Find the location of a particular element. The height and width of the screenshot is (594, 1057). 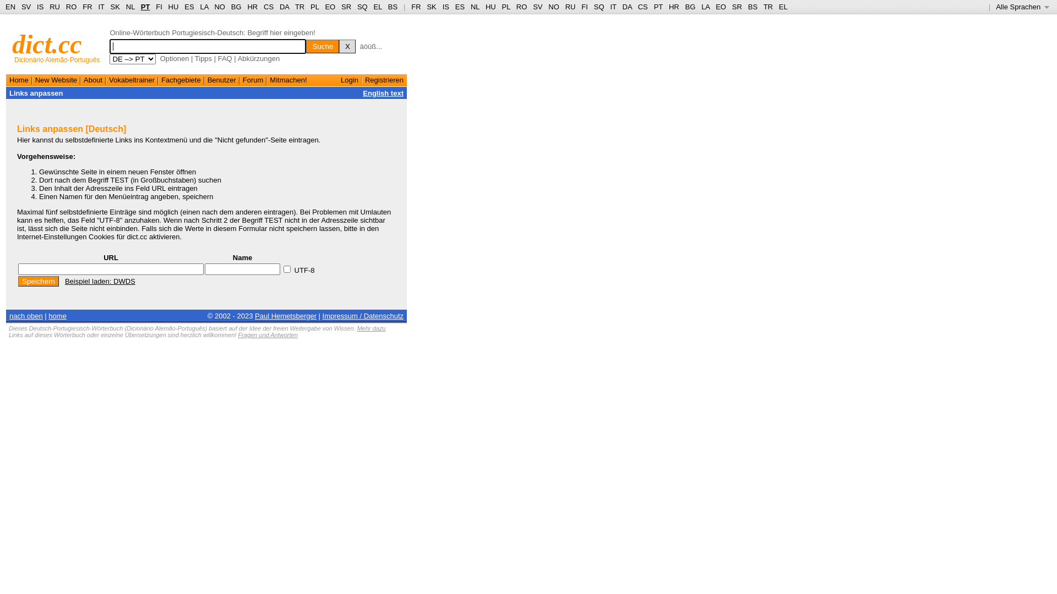

'Vokabeltrainer' is located at coordinates (132, 79).